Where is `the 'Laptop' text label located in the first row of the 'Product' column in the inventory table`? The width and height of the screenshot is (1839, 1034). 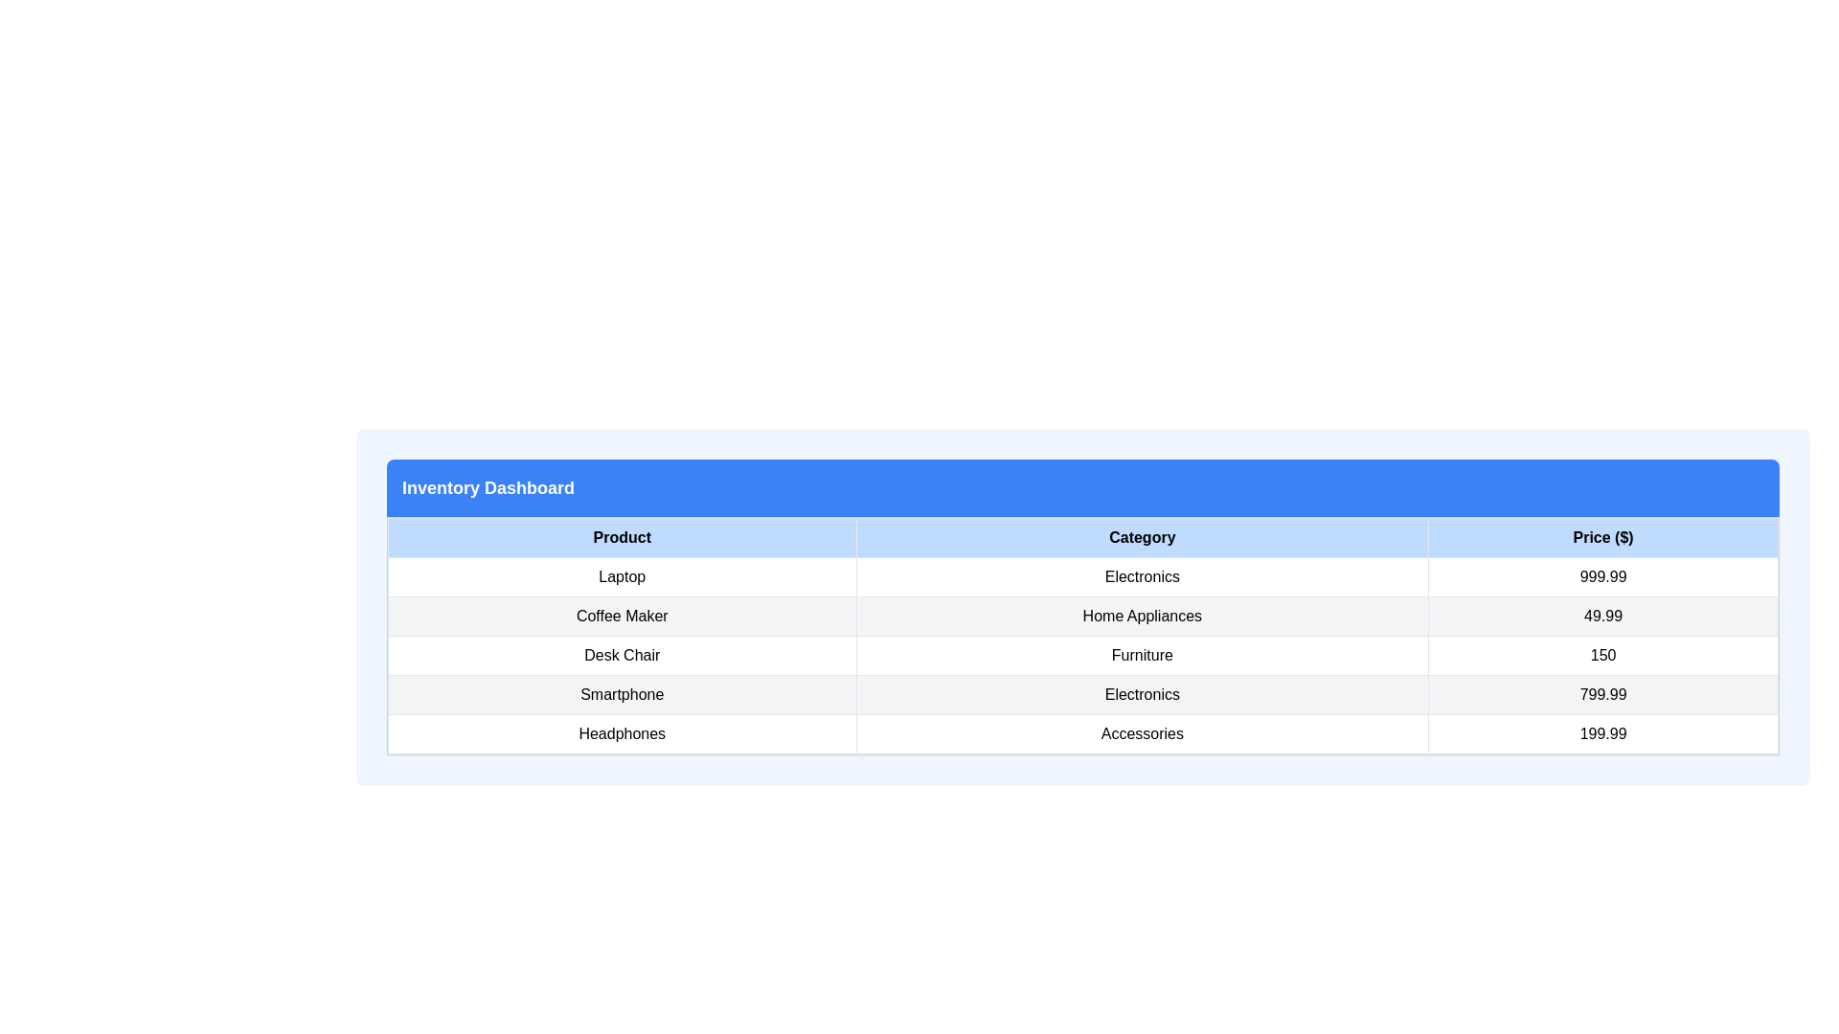 the 'Laptop' text label located in the first row of the 'Product' column in the inventory table is located at coordinates (622, 575).